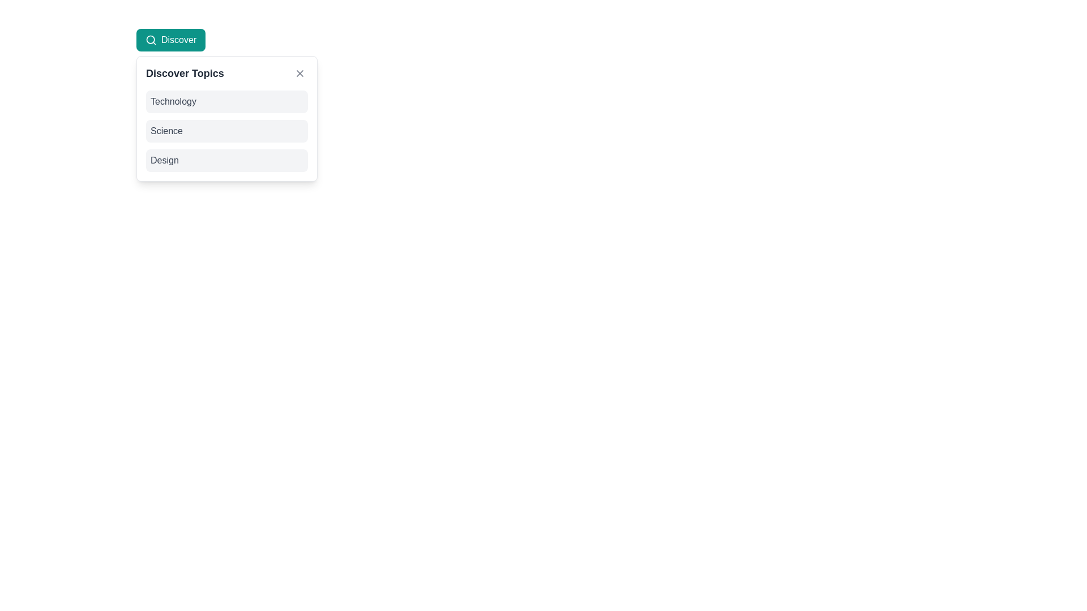 The width and height of the screenshot is (1087, 611). Describe the element at coordinates (151, 39) in the screenshot. I see `the search icon located to the left of the green 'Discover' button` at that location.